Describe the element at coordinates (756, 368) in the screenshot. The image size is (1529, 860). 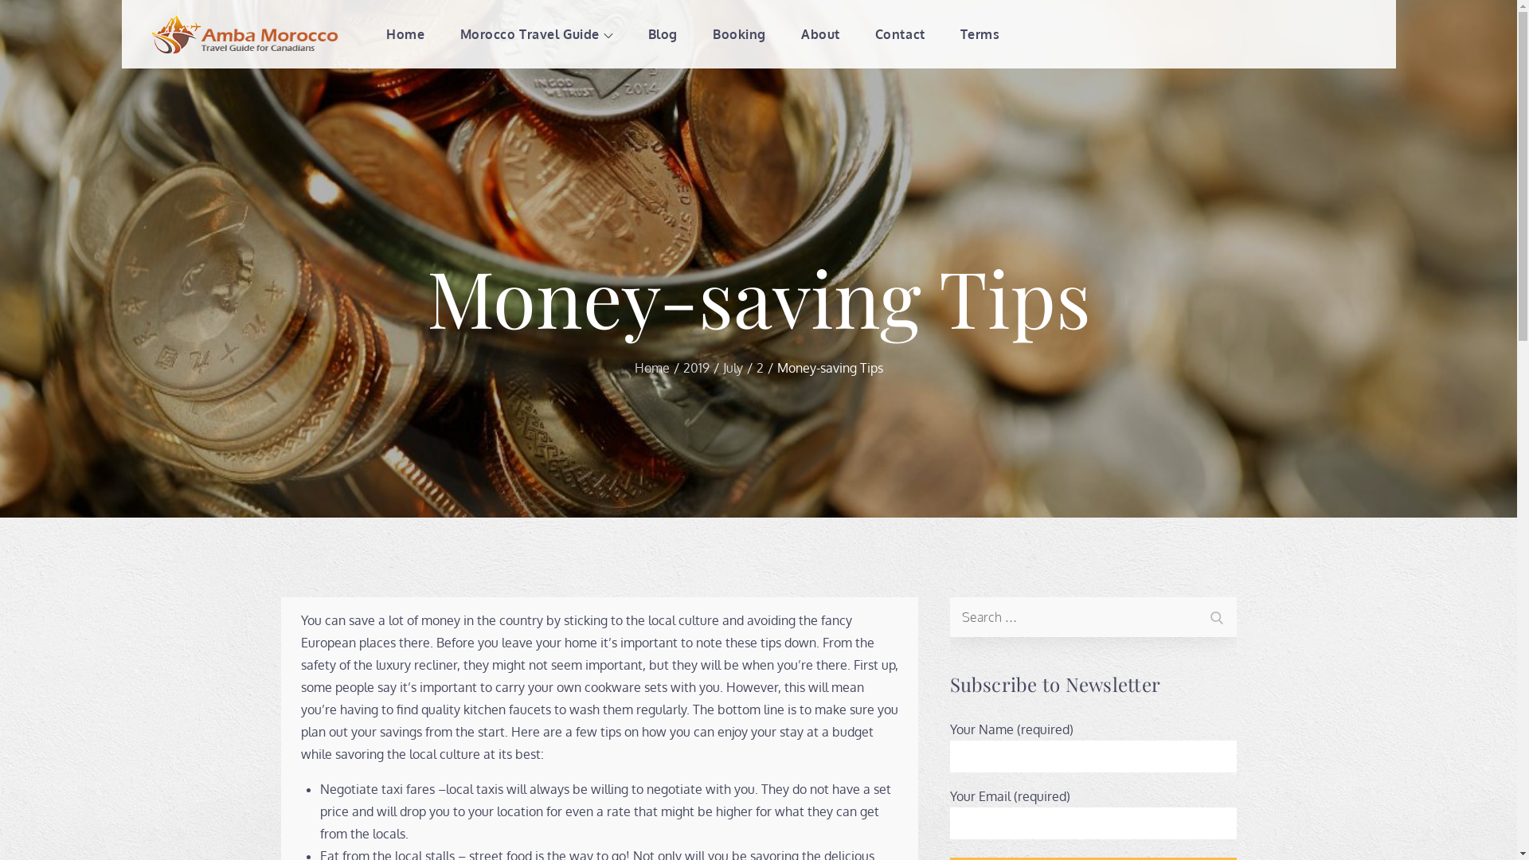
I see `'2'` at that location.